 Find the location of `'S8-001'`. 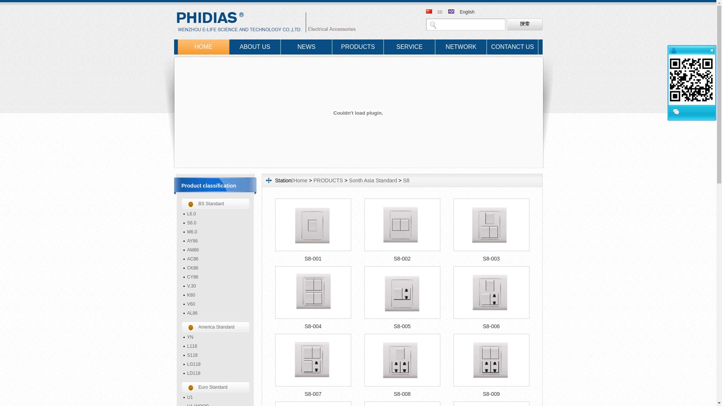

'S8-001' is located at coordinates (313, 258).